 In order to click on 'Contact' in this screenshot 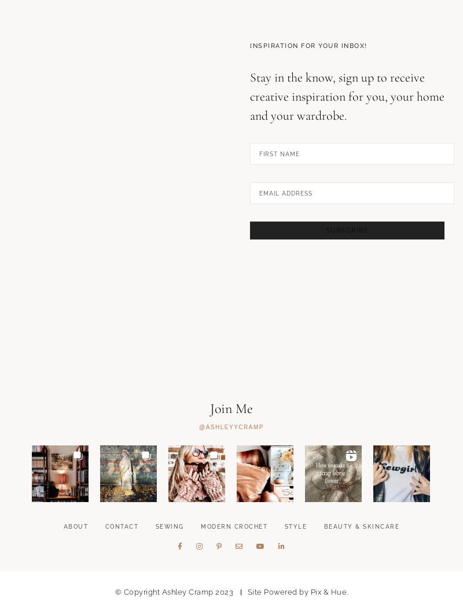, I will do `click(104, 585)`.